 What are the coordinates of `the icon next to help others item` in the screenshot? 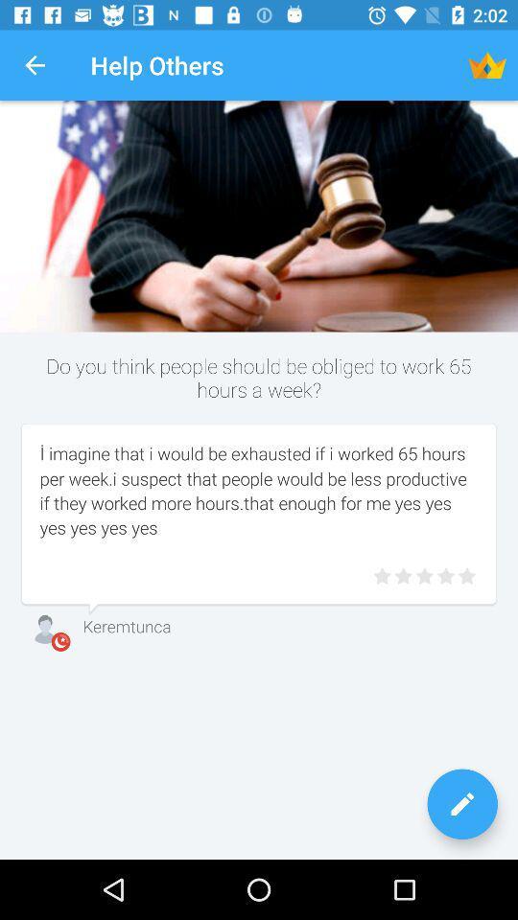 It's located at (487, 65).